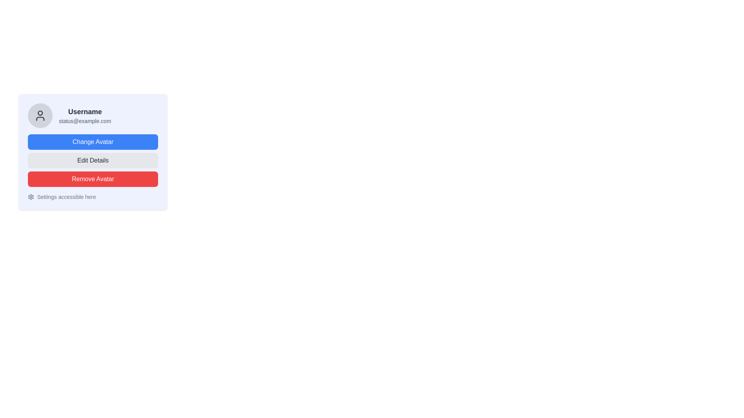 This screenshot has height=418, width=744. Describe the element at coordinates (40, 116) in the screenshot. I see `the user silhouette icon which is styled in dark gray on a light gray round background, located centrally in the upper-left section of a card interface` at that location.